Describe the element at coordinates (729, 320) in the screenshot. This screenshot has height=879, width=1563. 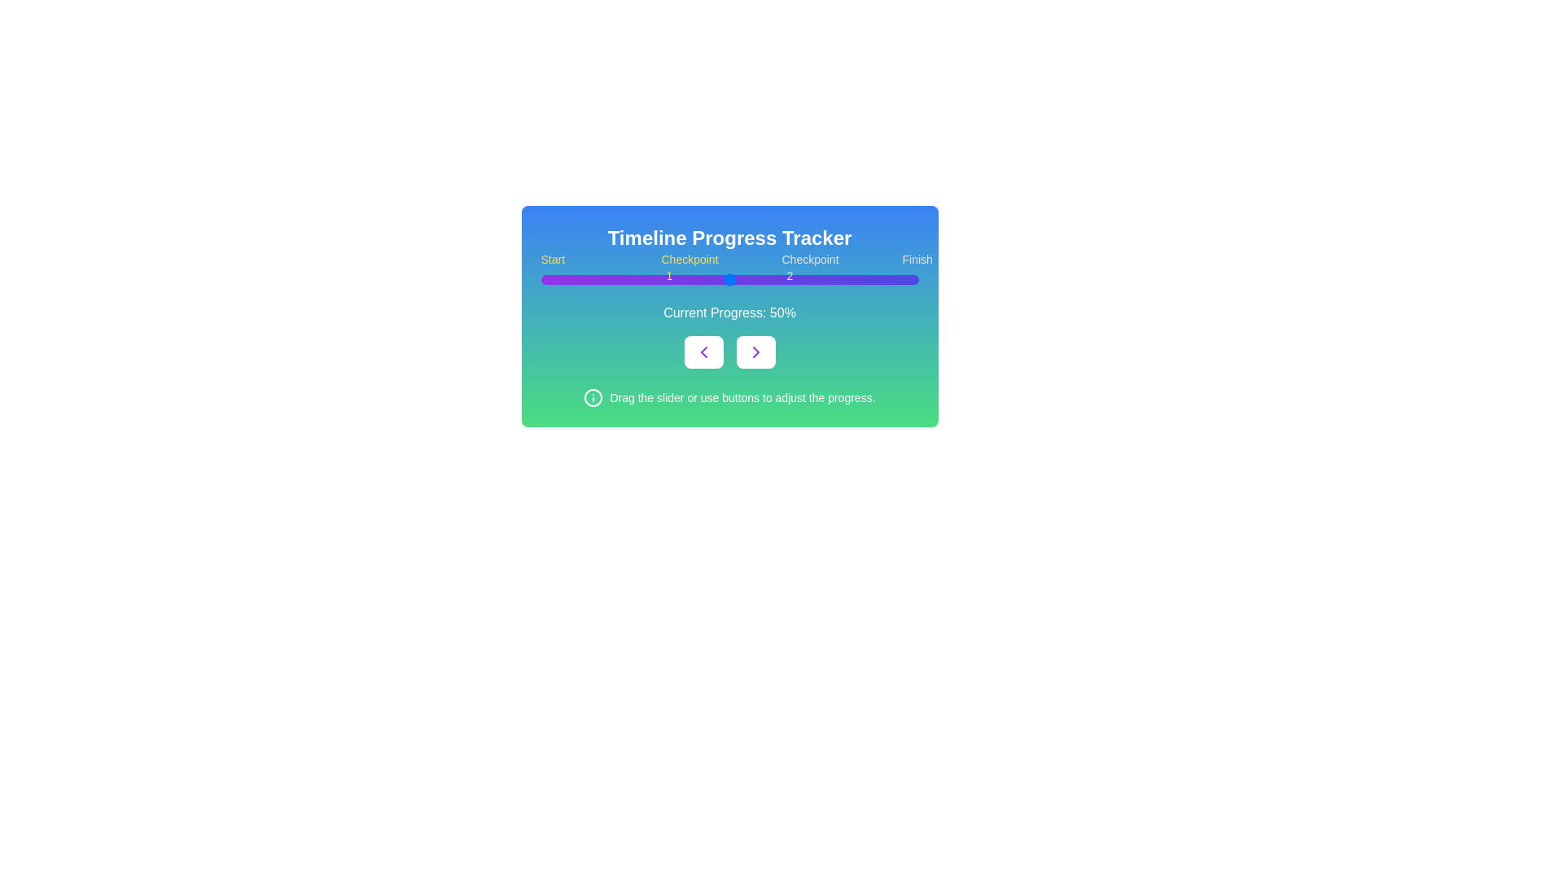
I see `the progress bar component of the Composite Component` at that location.